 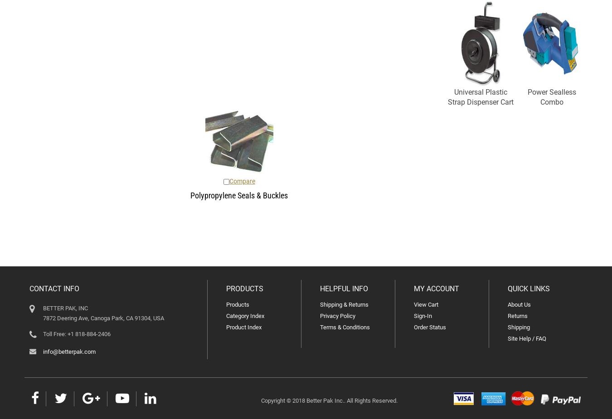 What do you see at coordinates (244, 316) in the screenshot?
I see `'Category Index'` at bounding box center [244, 316].